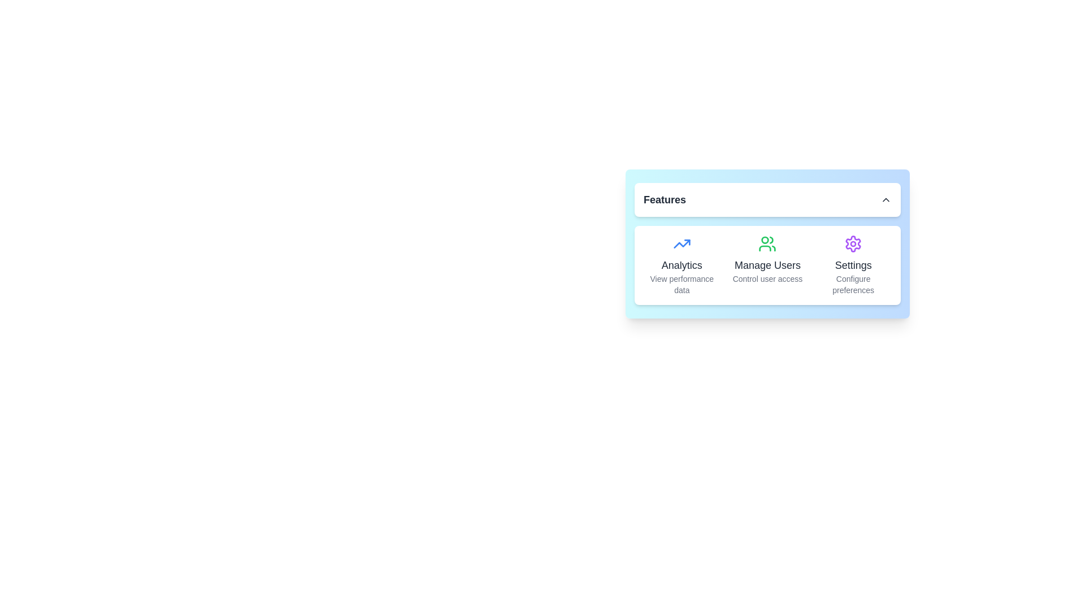  What do you see at coordinates (681, 284) in the screenshot?
I see `the static text element displaying 'View performance data', which is located beneath the 'Analytics' label in a card-like structure` at bounding box center [681, 284].